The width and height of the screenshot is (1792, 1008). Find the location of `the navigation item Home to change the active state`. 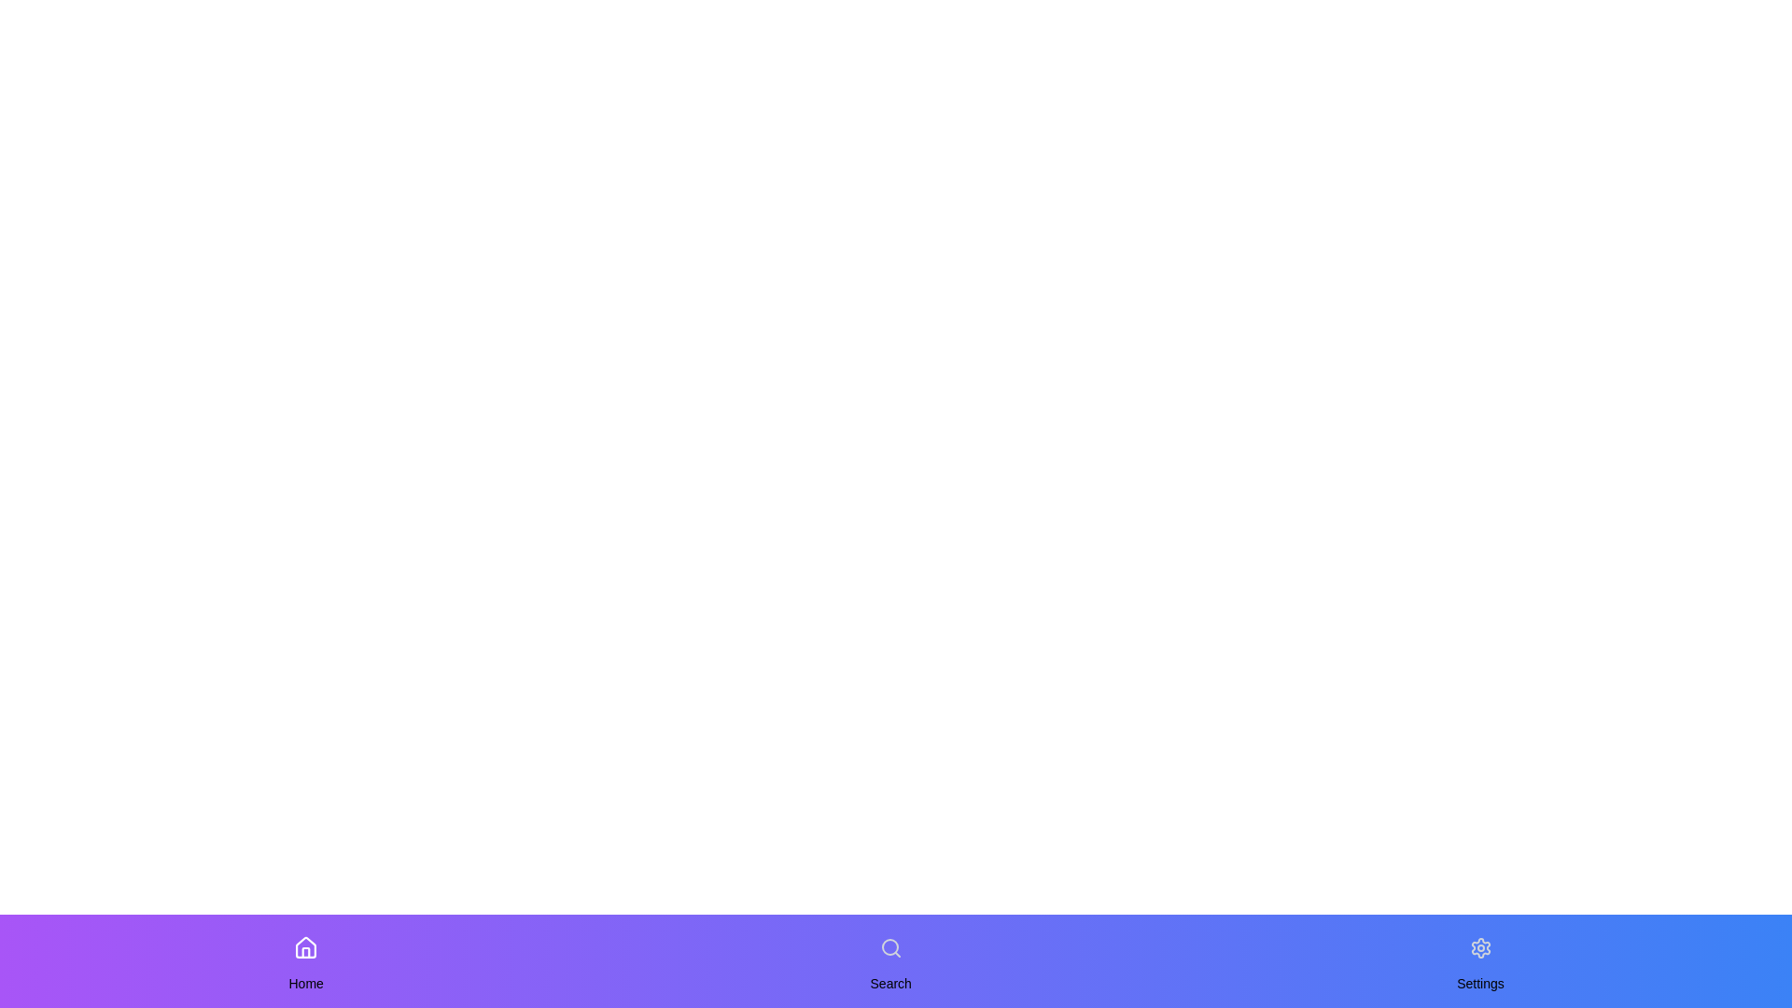

the navigation item Home to change the active state is located at coordinates (306, 947).